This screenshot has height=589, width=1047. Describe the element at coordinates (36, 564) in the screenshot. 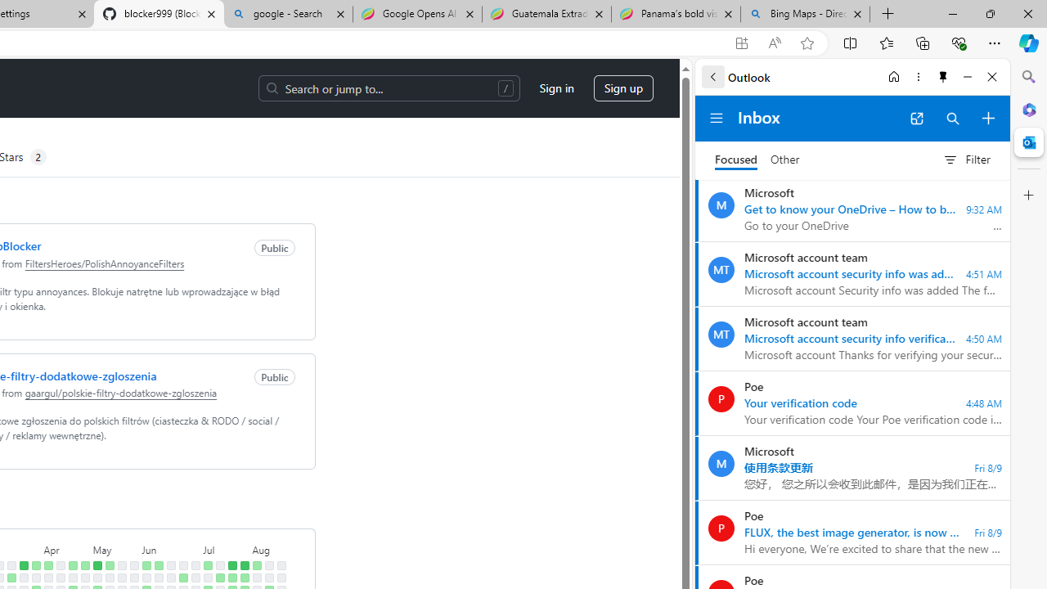

I see `'1 contribution on March 31st.'` at that location.